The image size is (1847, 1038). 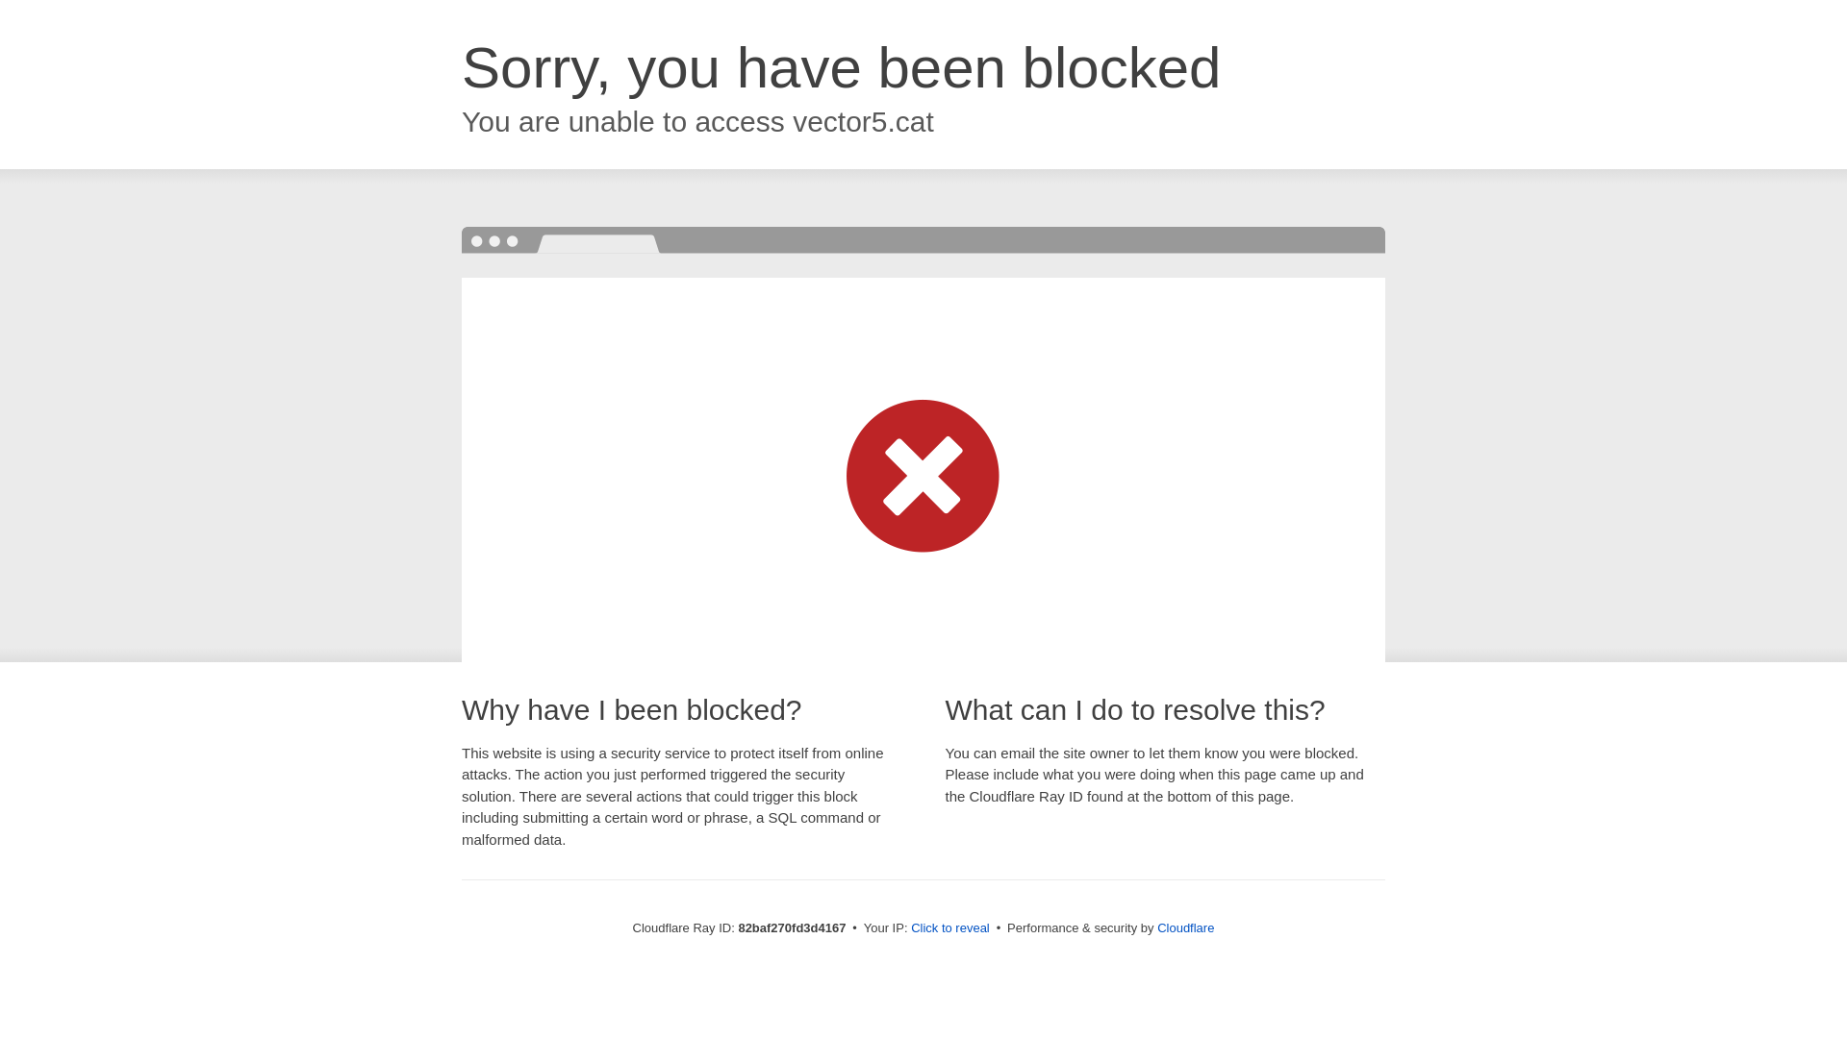 I want to click on 'Cloudflare', so click(x=1184, y=927).